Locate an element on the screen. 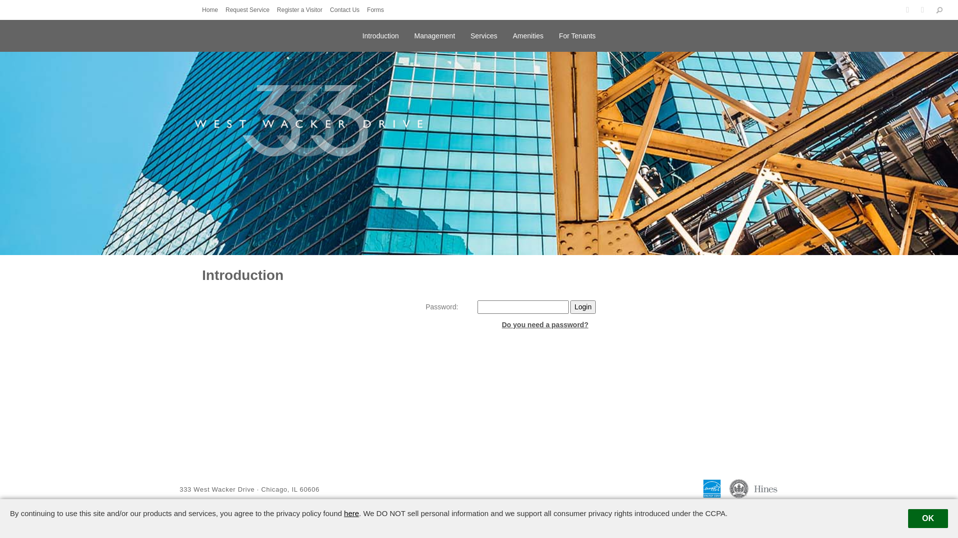 This screenshot has height=538, width=958. 'Login' is located at coordinates (570, 306).